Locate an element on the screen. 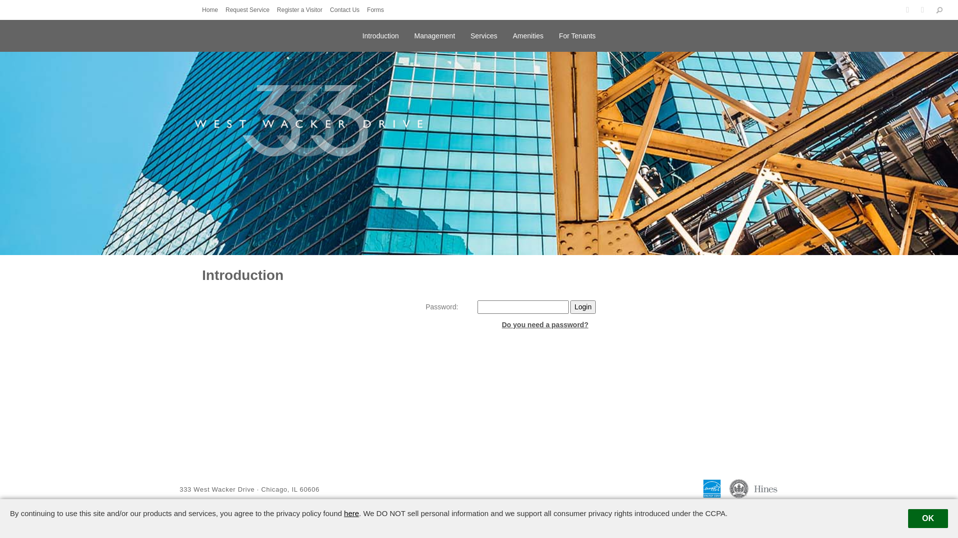 This screenshot has height=538, width=958. 'Login' is located at coordinates (570, 306).